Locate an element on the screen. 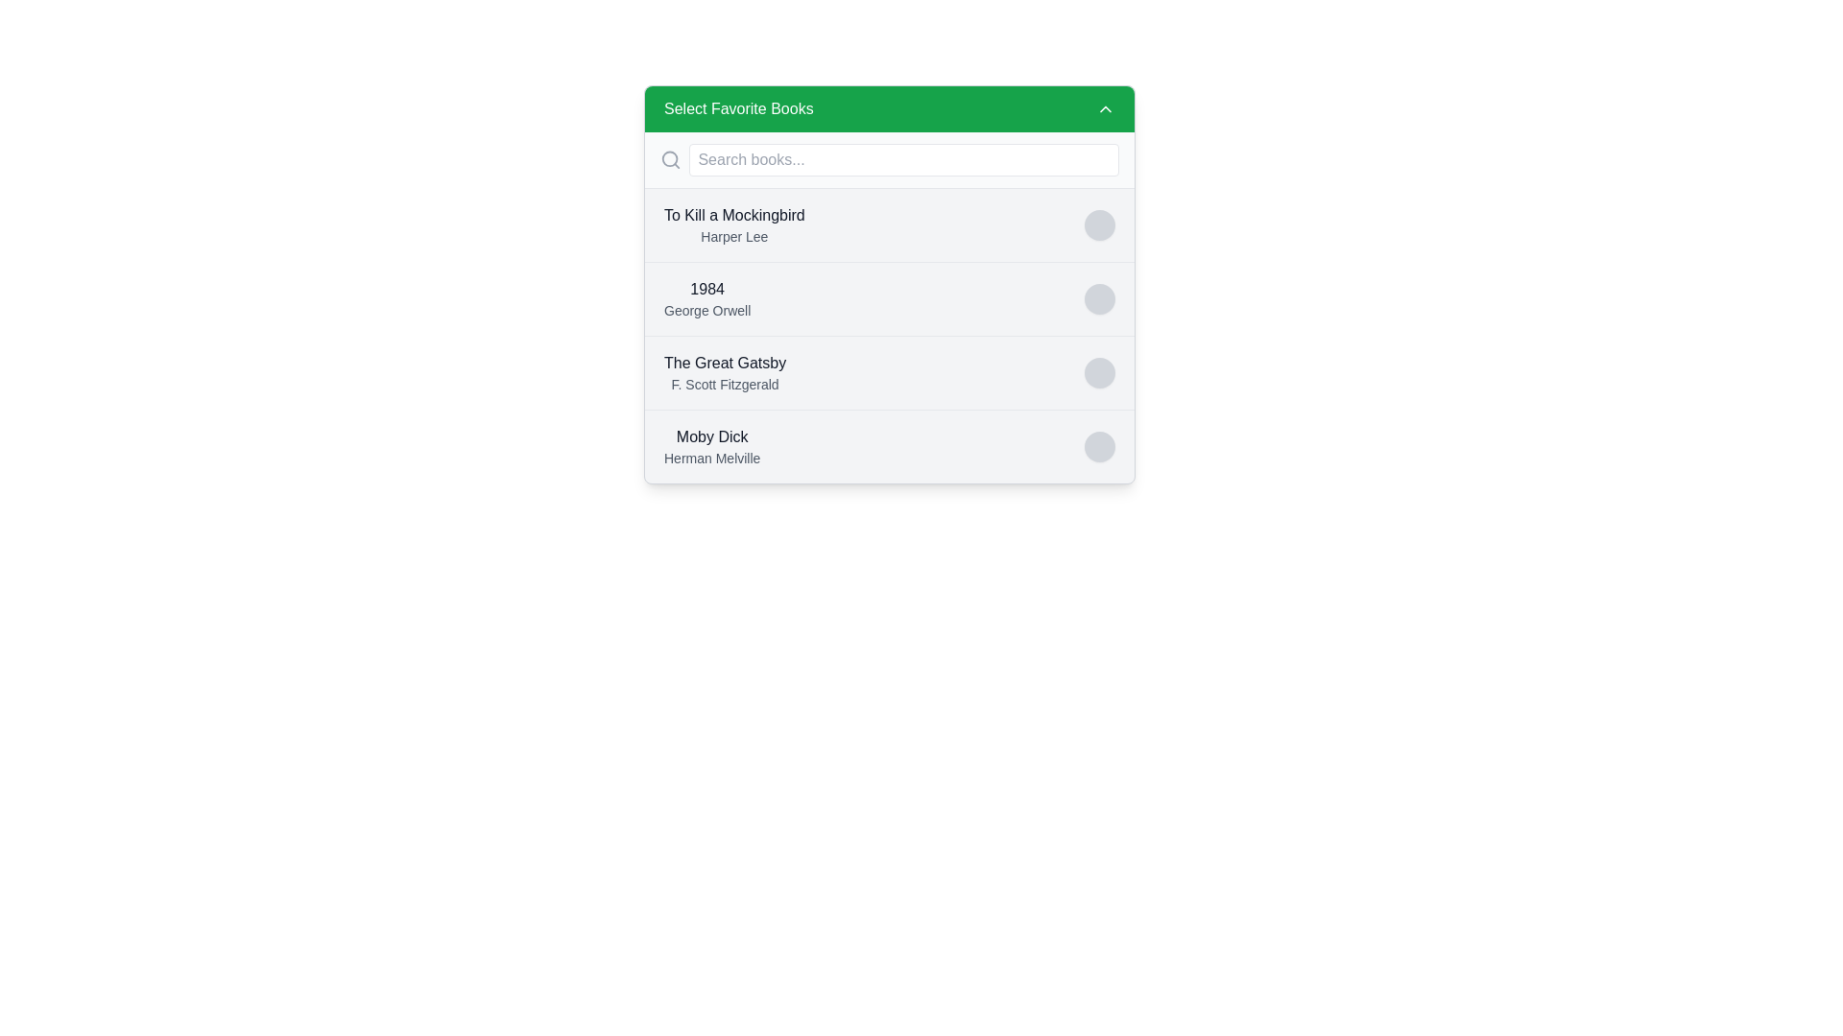 The width and height of the screenshot is (1843, 1036). the selectable list item representing 'Moby Dick by Herman Melville' is located at coordinates (888, 446).